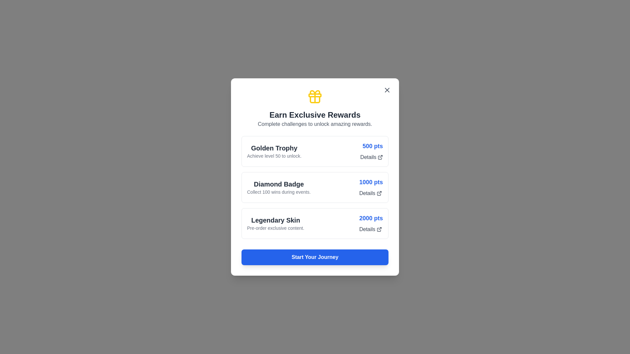 Image resolution: width=630 pixels, height=354 pixels. I want to click on the circular button with a dark gray 'X' icon located in the top-right corner of the modal dialog, so click(387, 90).